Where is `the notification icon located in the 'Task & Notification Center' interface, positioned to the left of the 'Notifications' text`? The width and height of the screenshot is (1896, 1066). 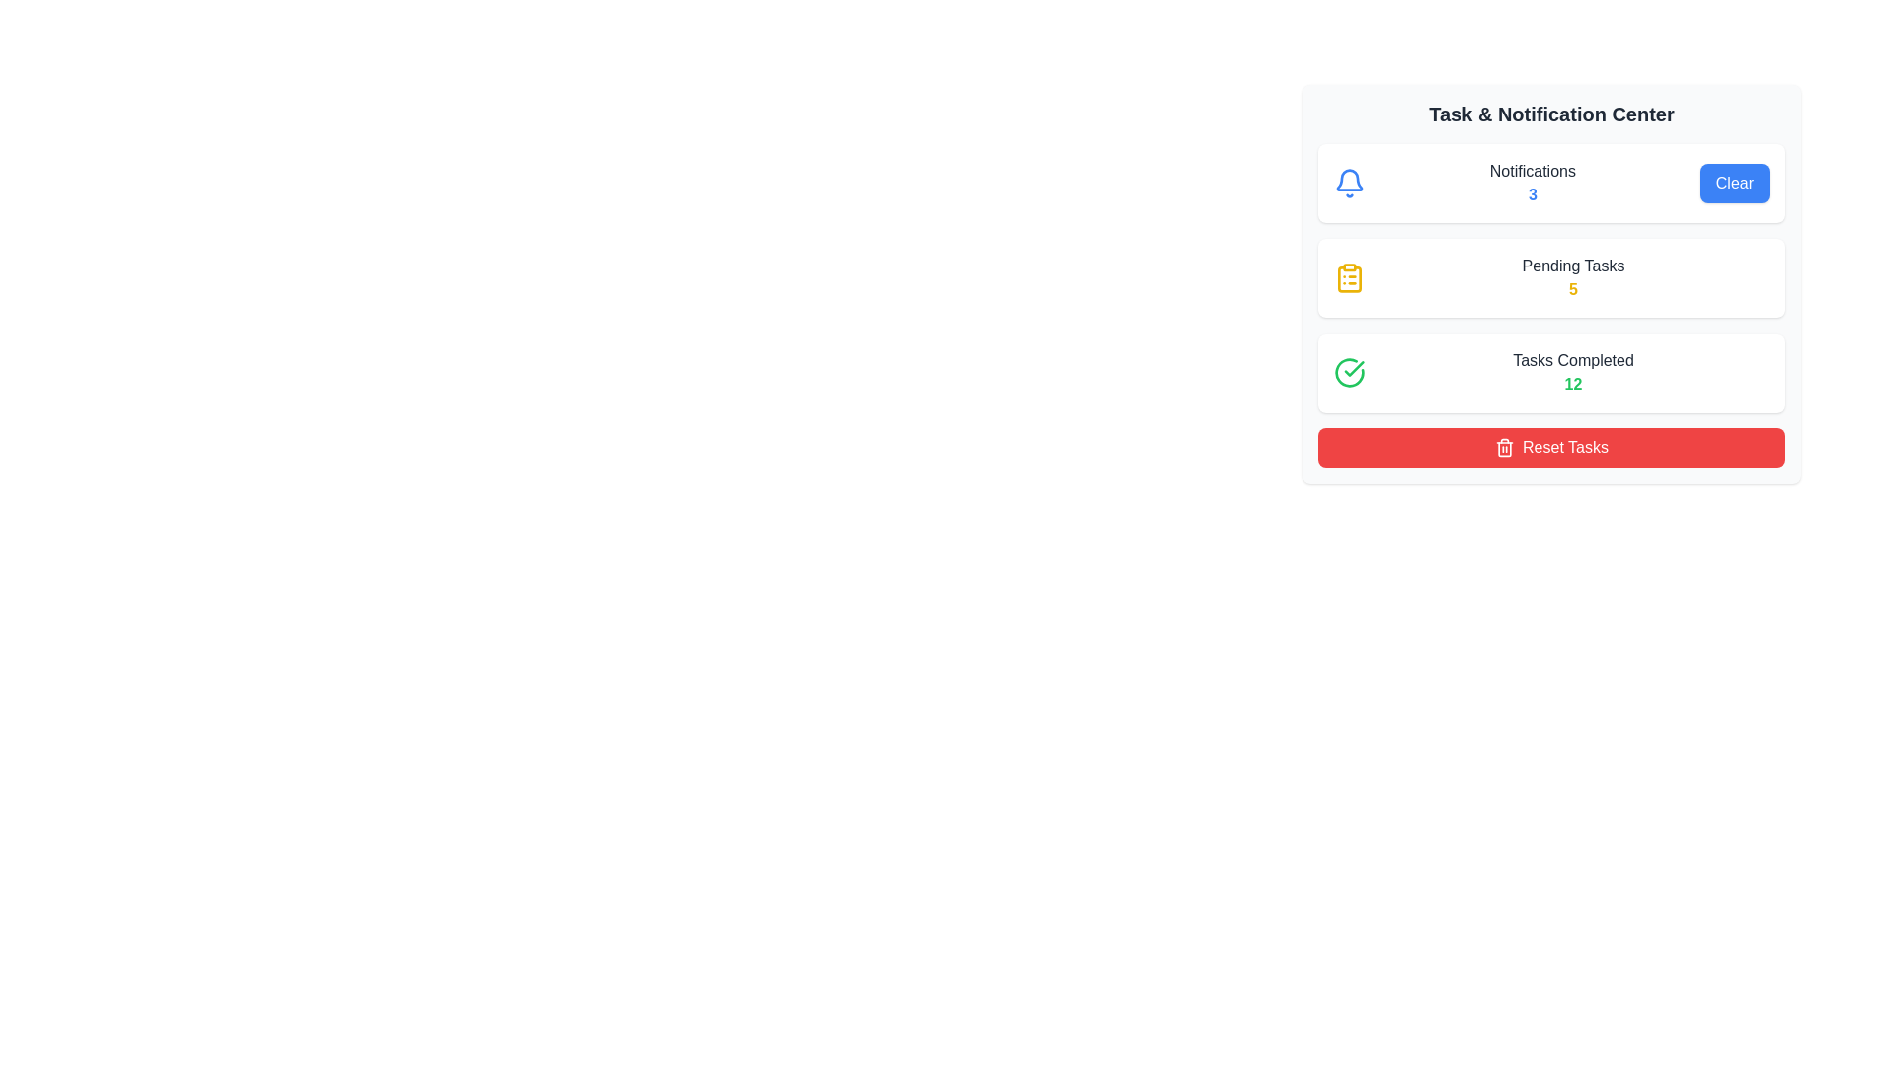 the notification icon located in the 'Task & Notification Center' interface, positioned to the left of the 'Notifications' text is located at coordinates (1349, 180).